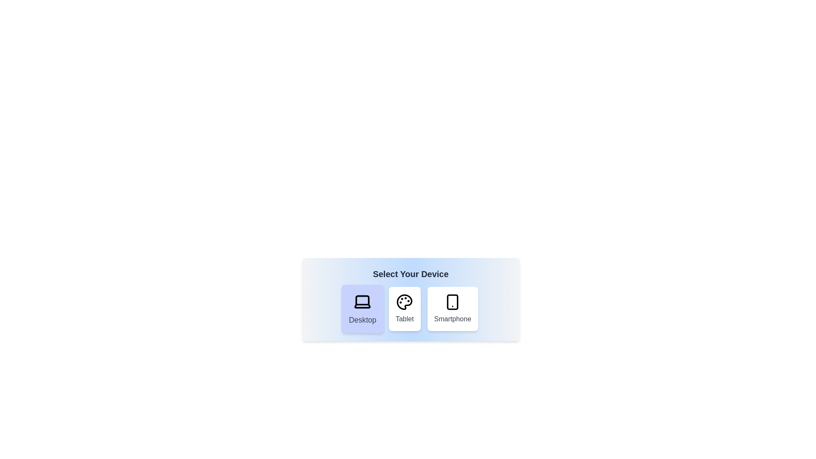  I want to click on text label displaying 'Smartphone', which is styled with medium-bold gray text and located at the bottom of the smartphone option tile, so click(452, 319).